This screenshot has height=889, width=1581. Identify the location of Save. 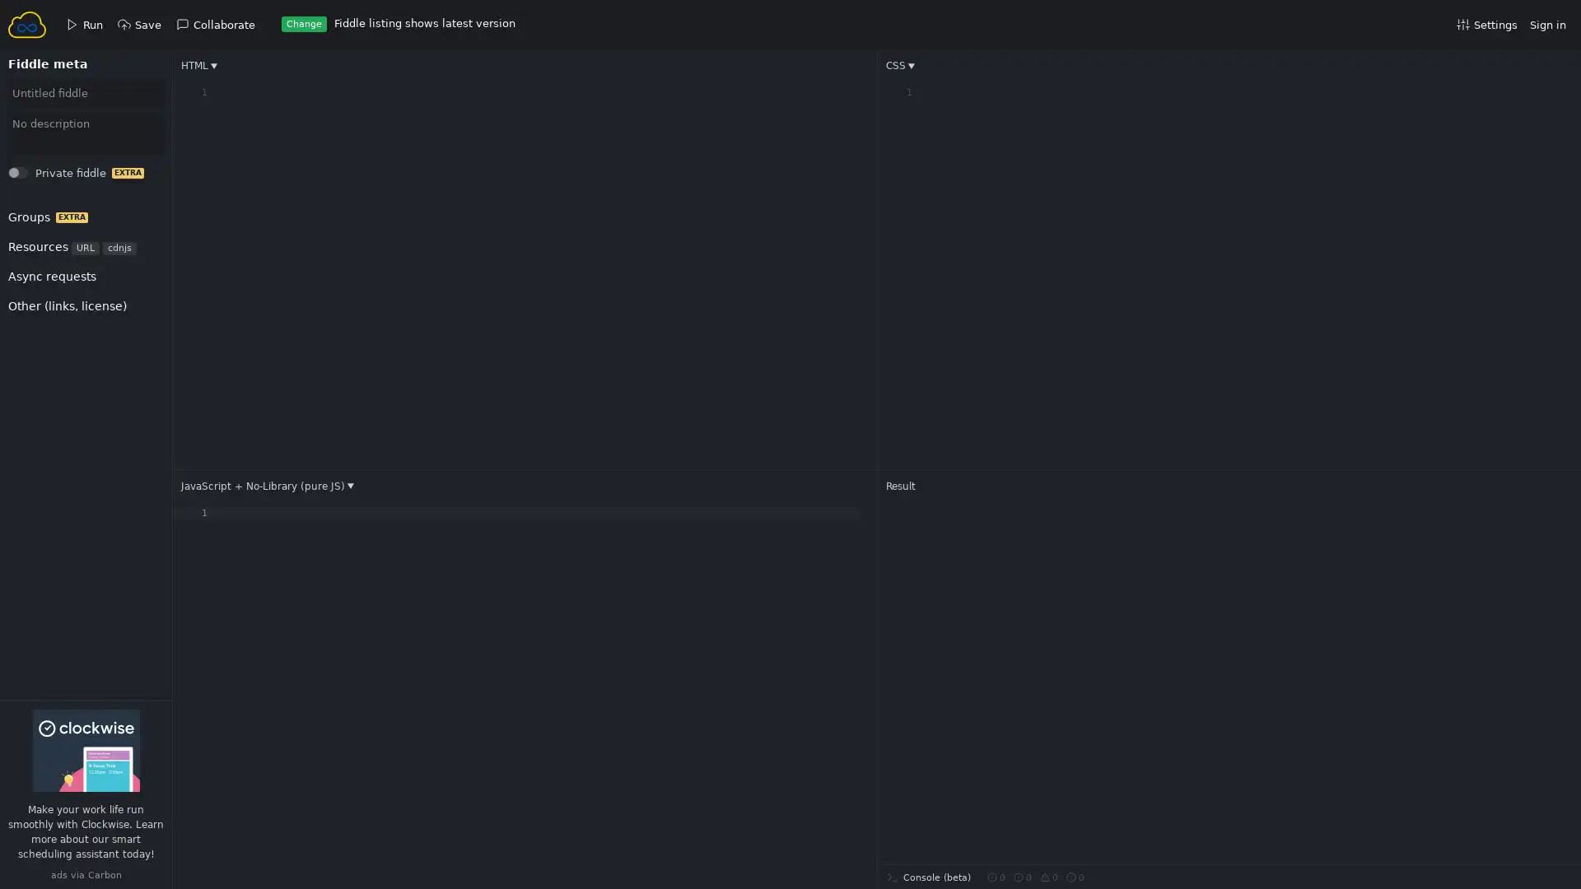
(35, 177).